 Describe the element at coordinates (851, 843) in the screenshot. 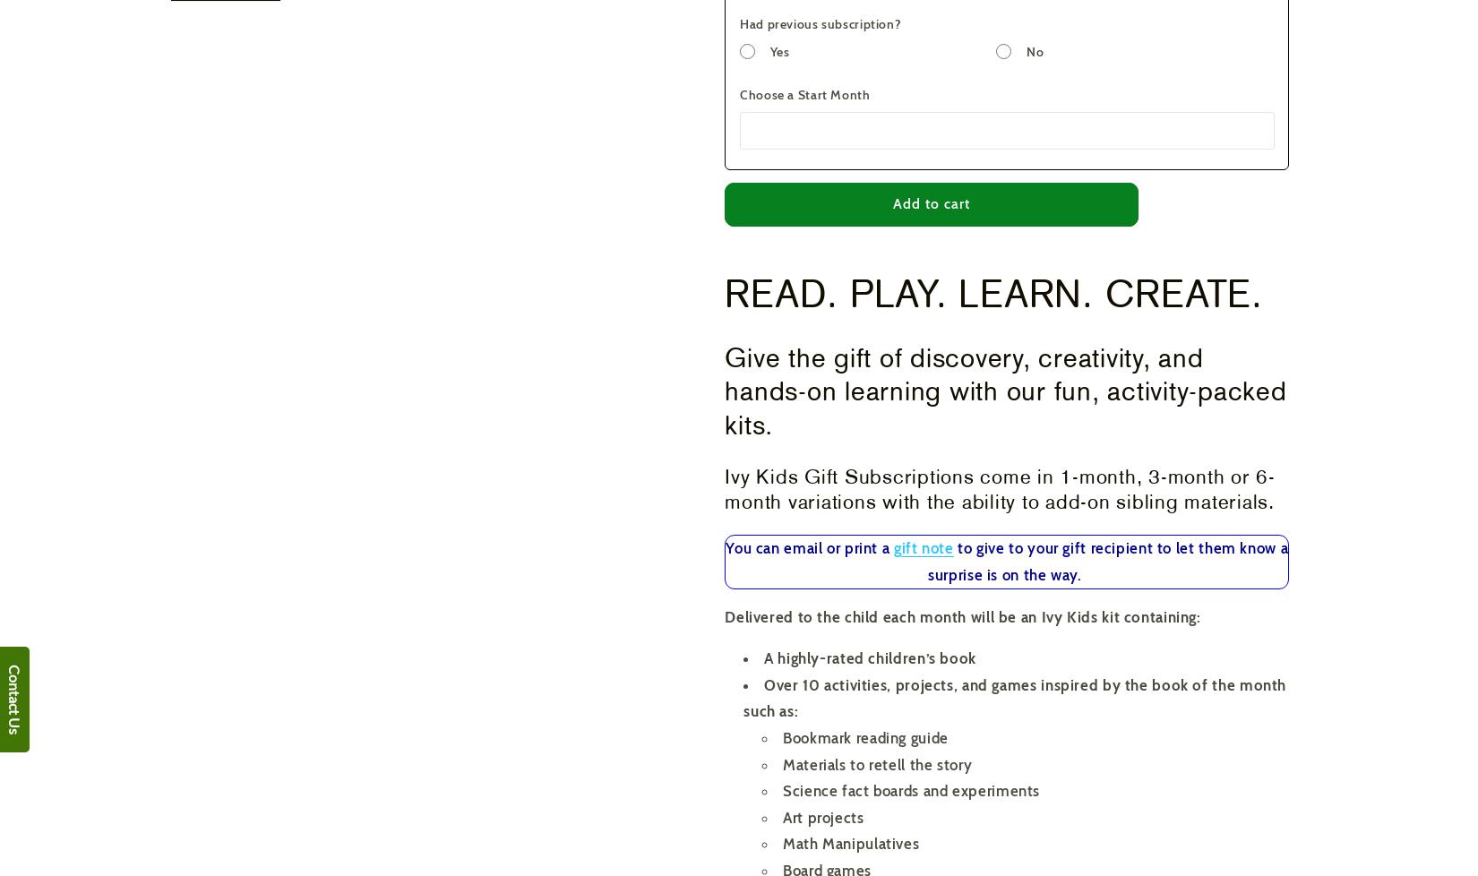

I see `'Math Manipulatives'` at that location.